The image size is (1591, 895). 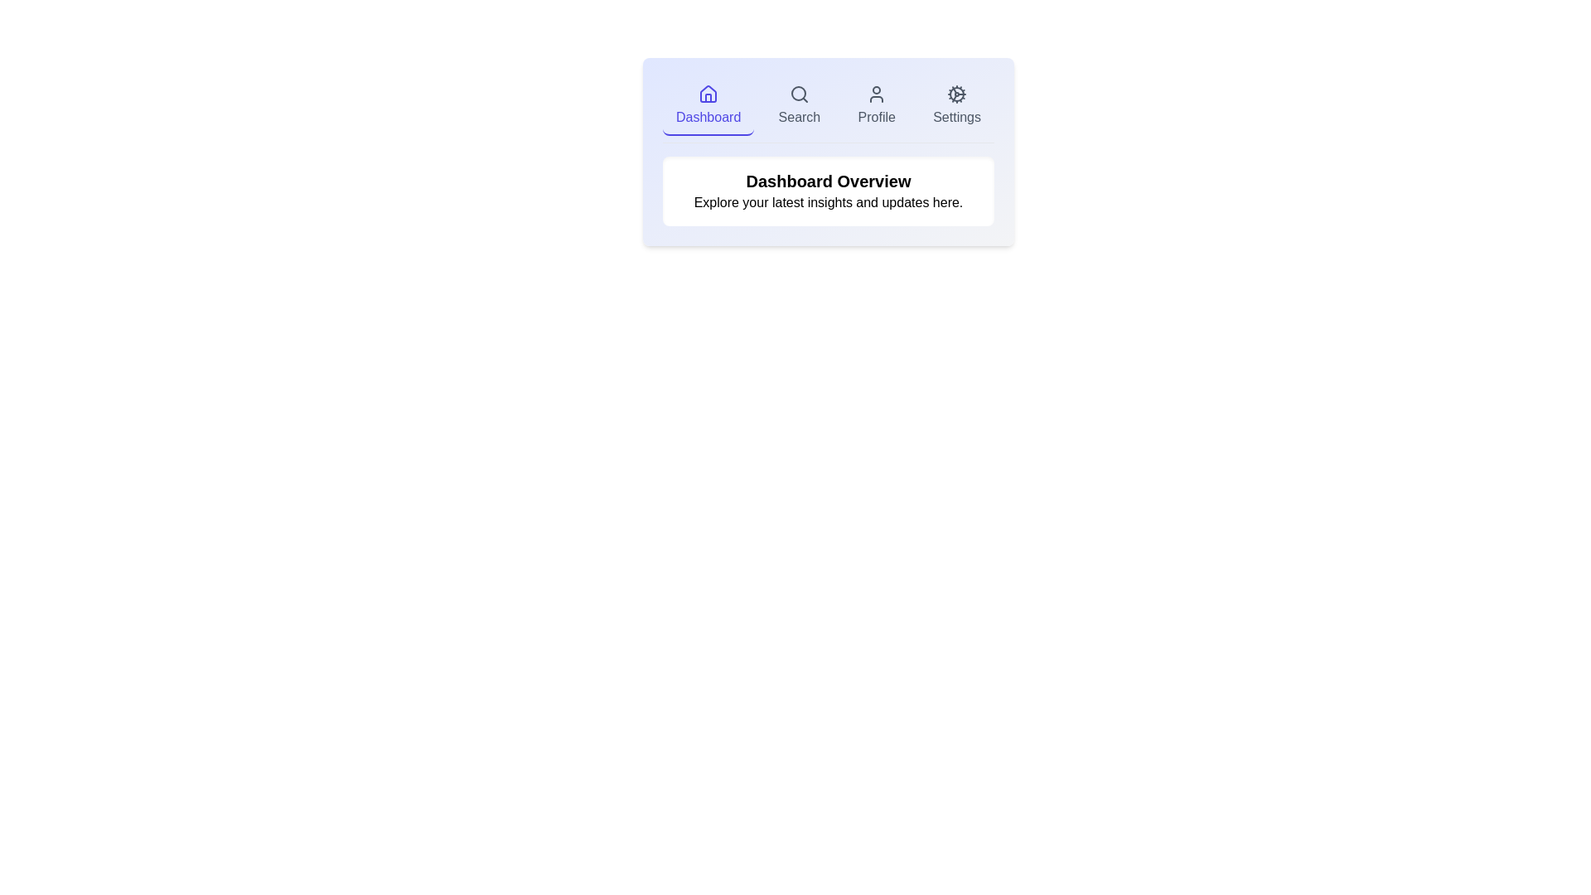 What do you see at coordinates (828, 191) in the screenshot?
I see `text contained in the 'Dashboard Overview' text block, which features a bold header and a descriptive line below it` at bounding box center [828, 191].